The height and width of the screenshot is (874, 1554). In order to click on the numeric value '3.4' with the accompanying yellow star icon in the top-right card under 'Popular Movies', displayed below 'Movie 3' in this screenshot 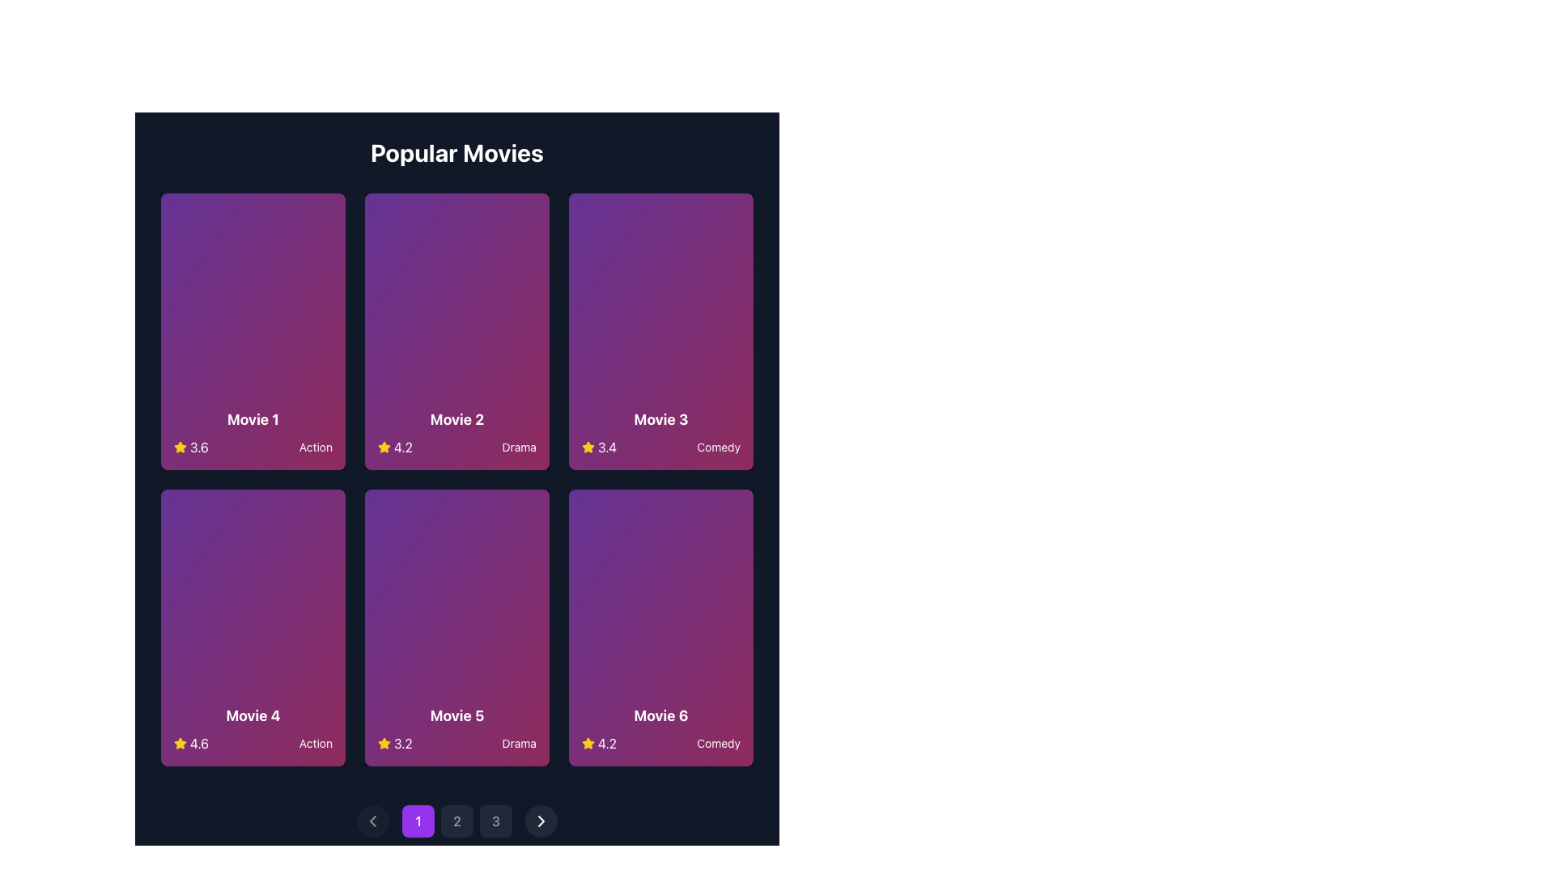, I will do `click(598, 447)`.